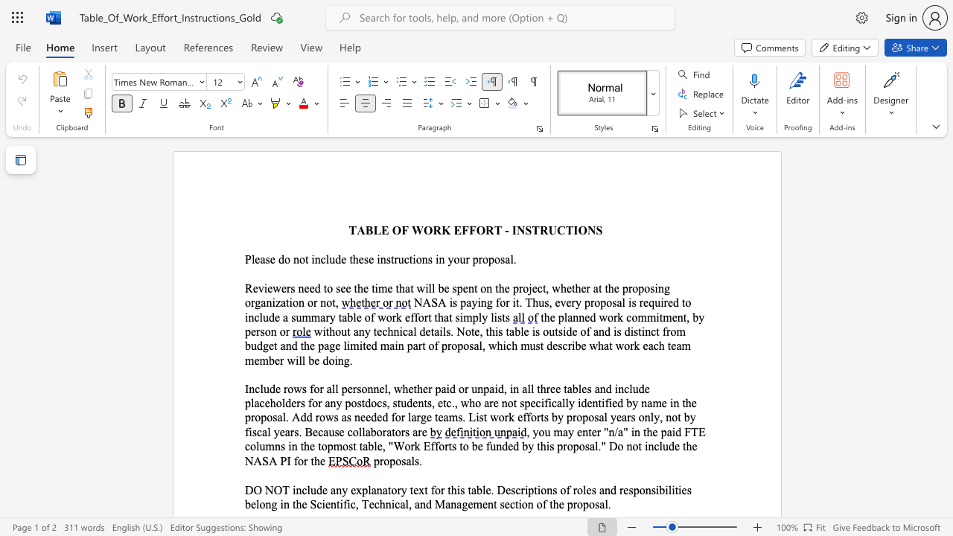 This screenshot has width=953, height=536. Describe the element at coordinates (389, 460) in the screenshot. I see `the subset text "po" within the text "proposals."` at that location.